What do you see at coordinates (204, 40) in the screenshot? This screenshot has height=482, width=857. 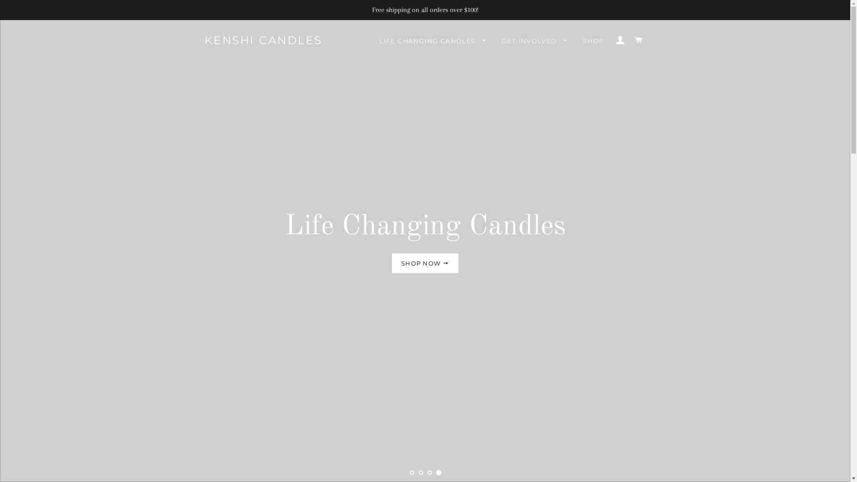 I see `'KENSHI CANDLES'` at bounding box center [204, 40].